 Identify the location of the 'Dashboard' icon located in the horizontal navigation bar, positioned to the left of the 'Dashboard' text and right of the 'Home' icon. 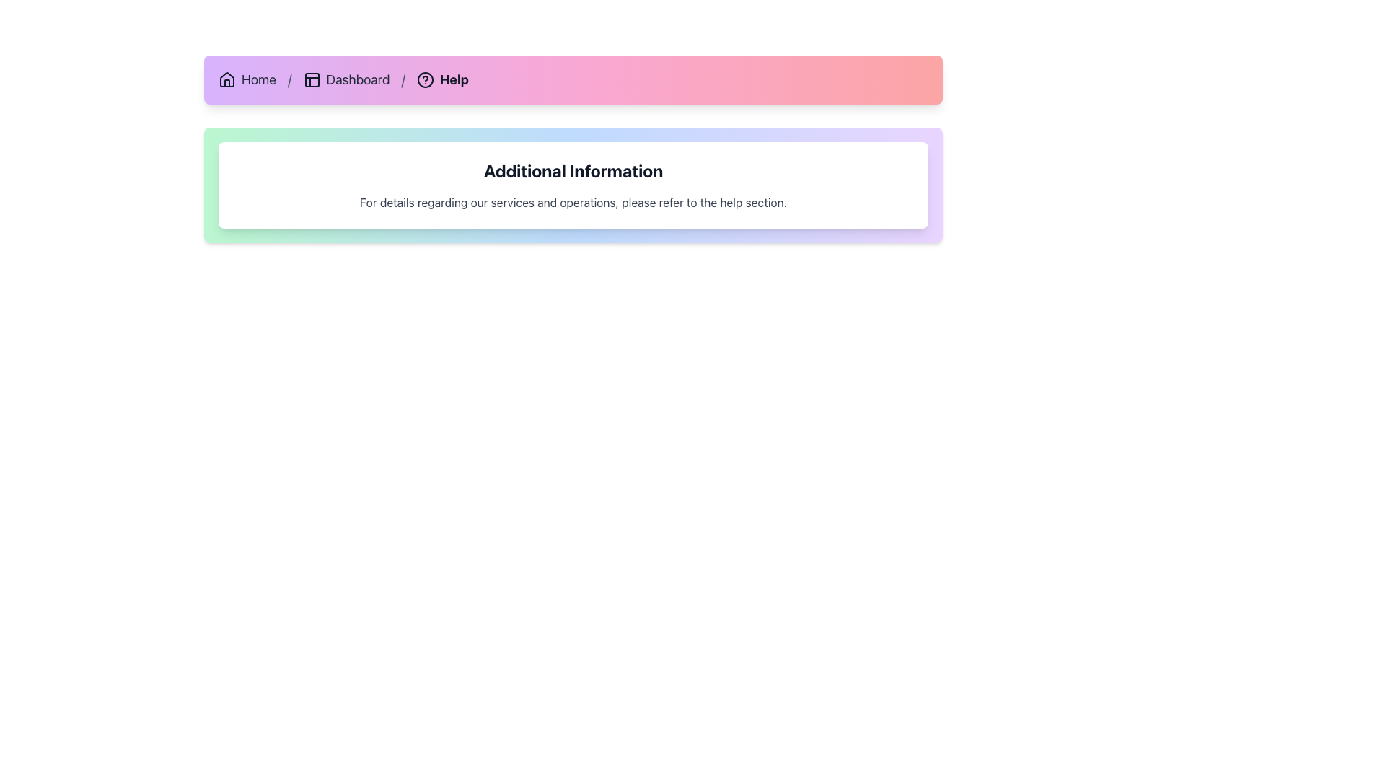
(311, 80).